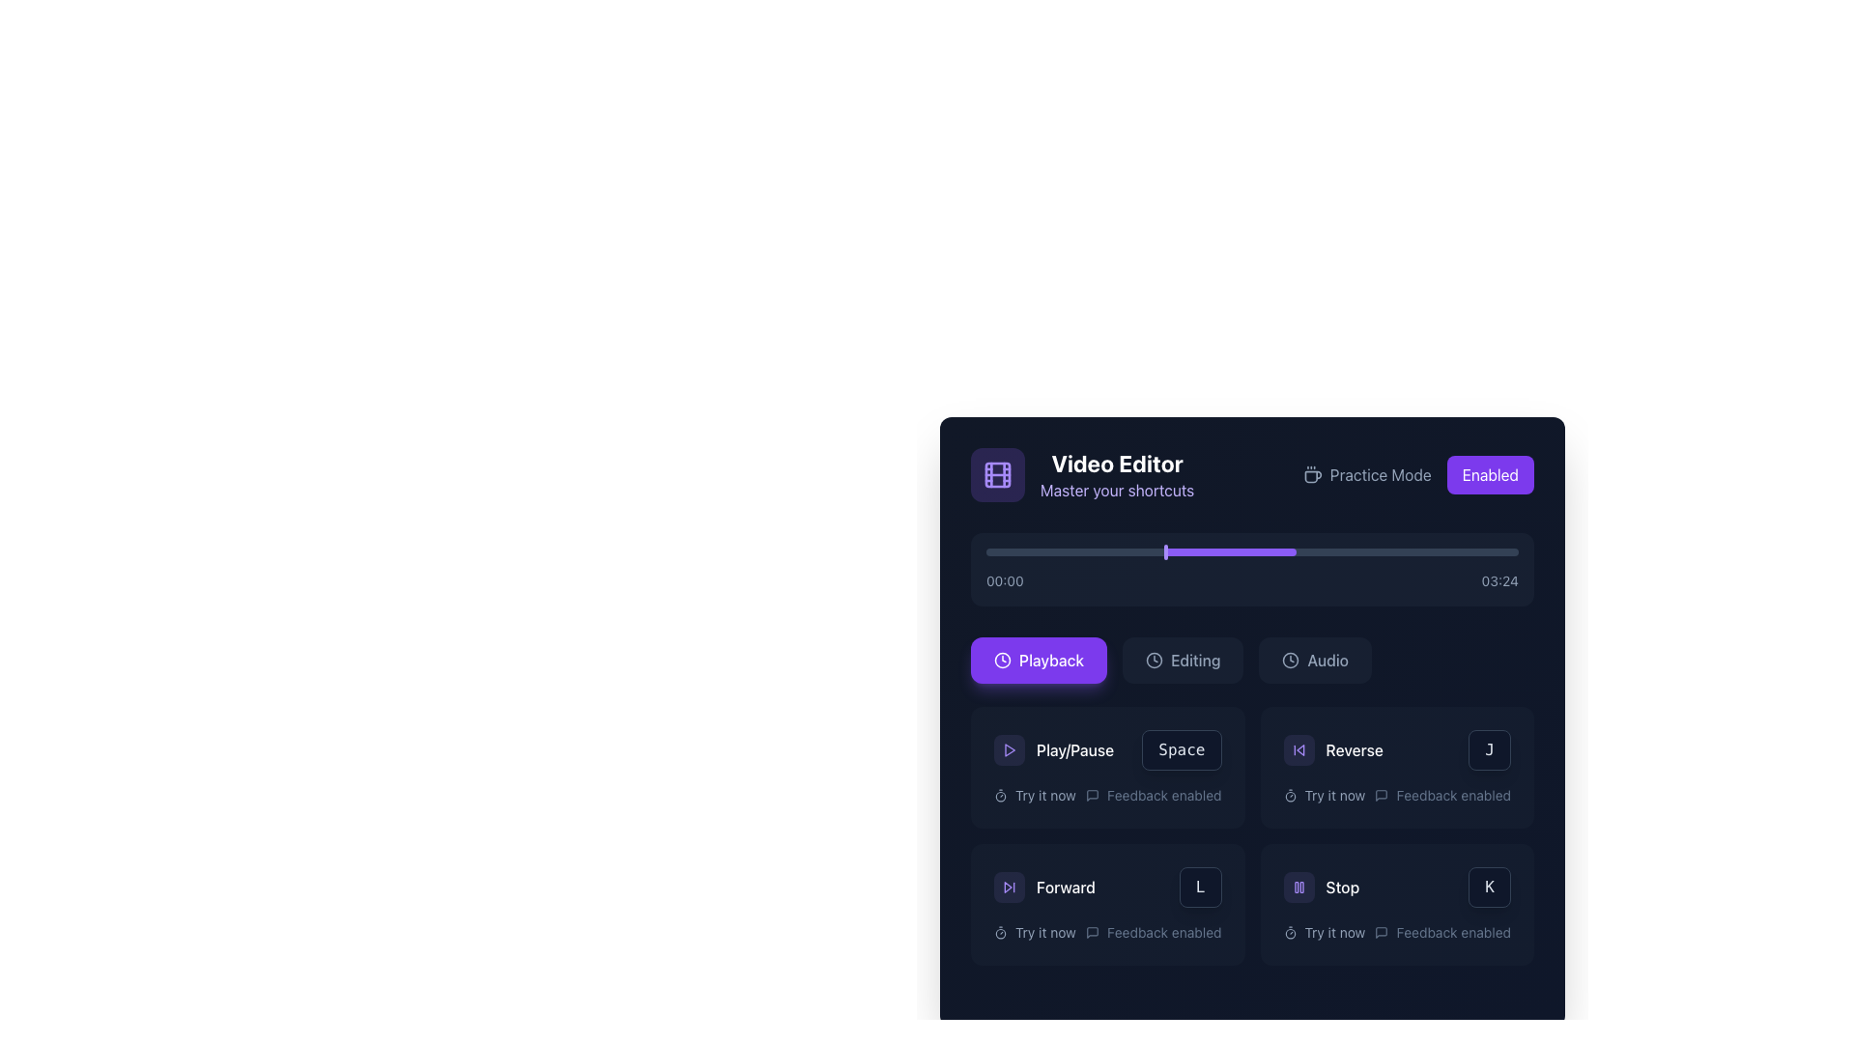  What do you see at coordinates (1229, 551) in the screenshot?
I see `the vibrant violet progress bar` at bounding box center [1229, 551].